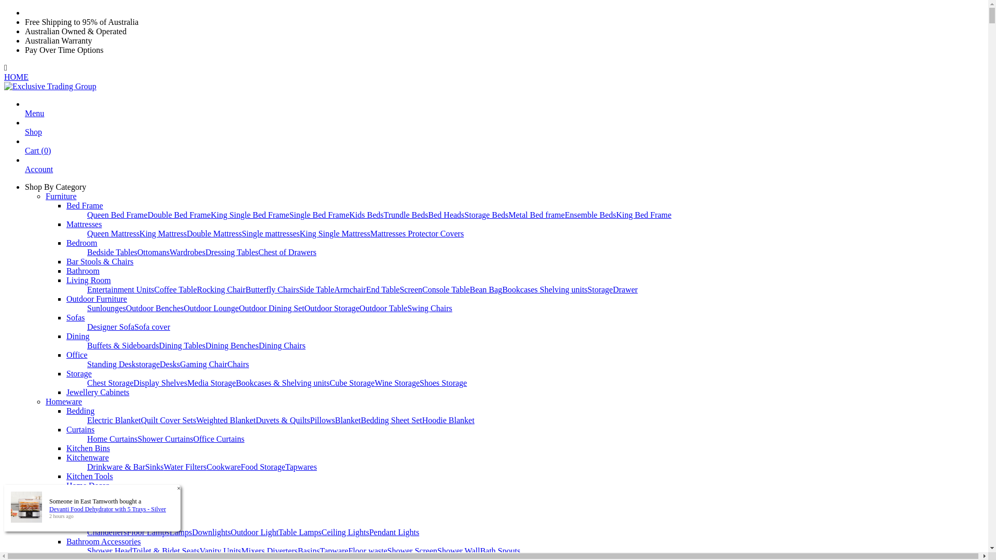  I want to click on 'Ensemble Beds', so click(590, 214).